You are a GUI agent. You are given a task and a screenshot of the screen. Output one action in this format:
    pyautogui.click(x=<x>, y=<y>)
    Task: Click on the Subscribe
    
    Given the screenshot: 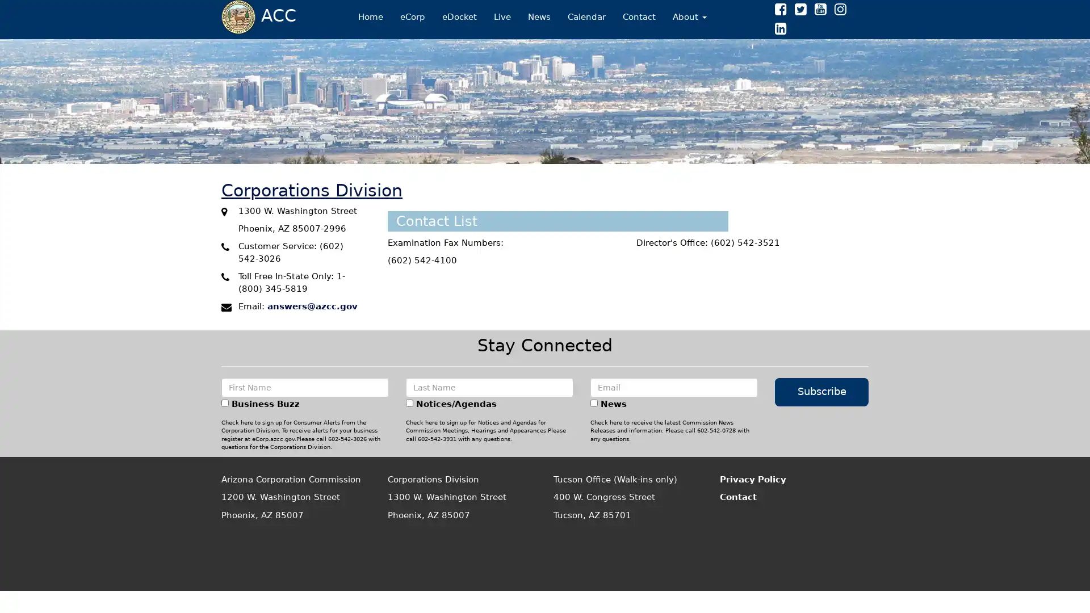 What is the action you would take?
    pyautogui.click(x=821, y=389)
    